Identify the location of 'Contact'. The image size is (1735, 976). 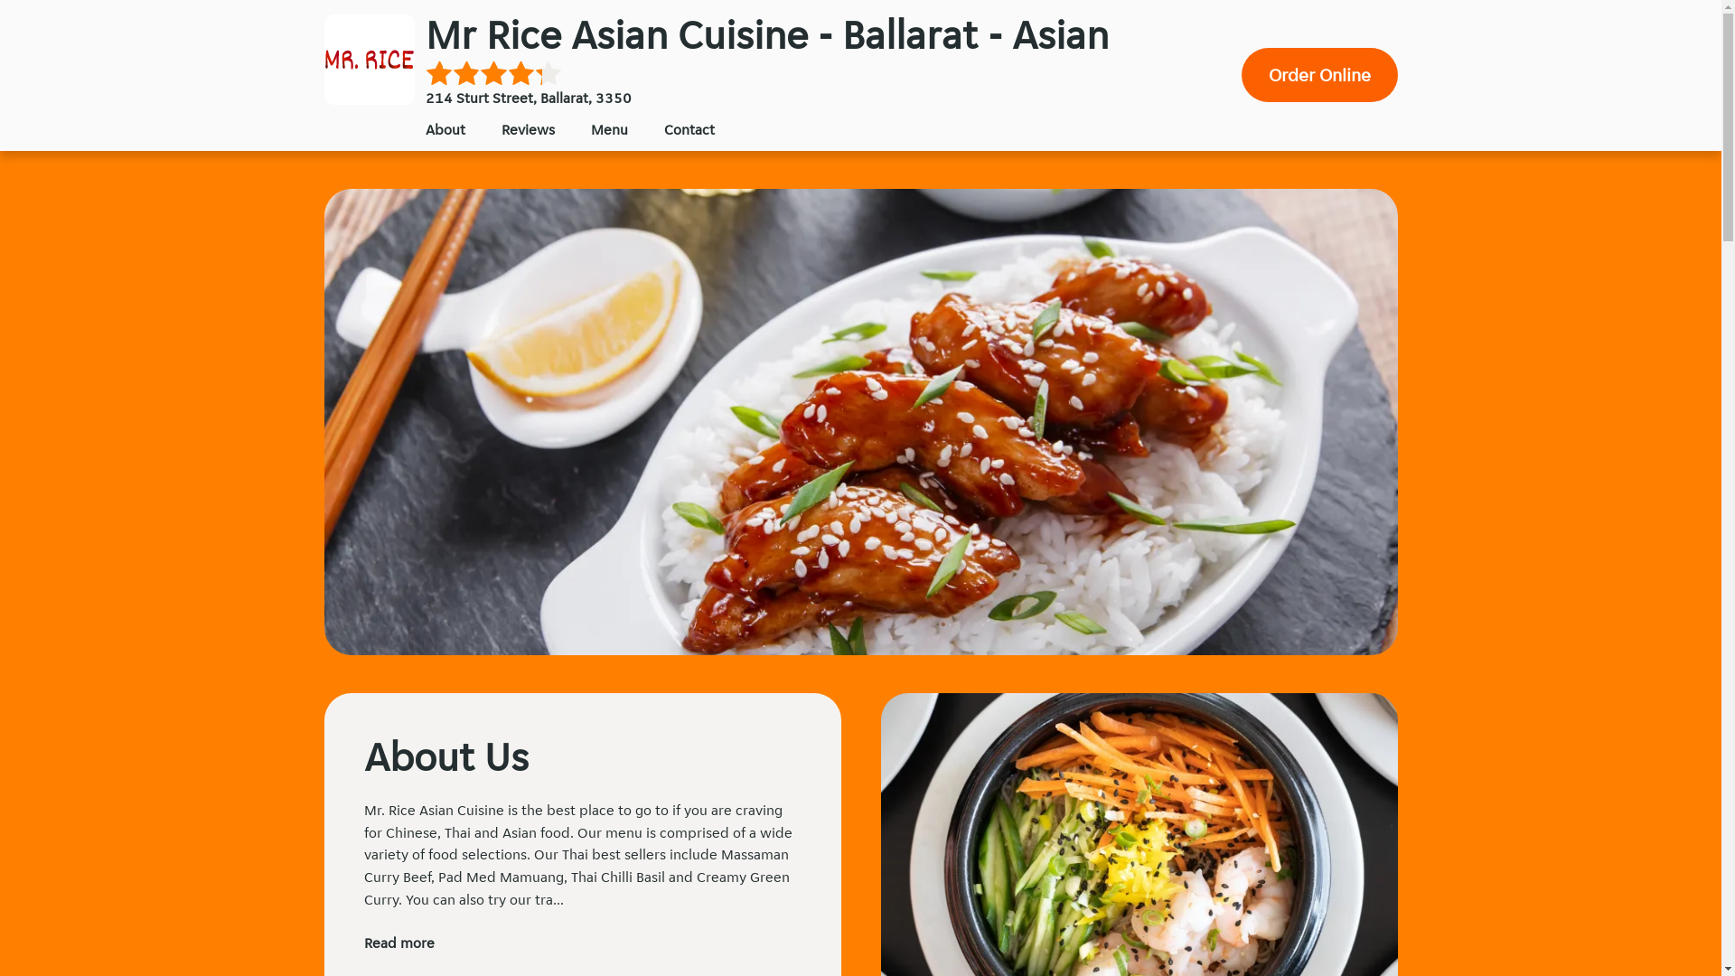
(688, 128).